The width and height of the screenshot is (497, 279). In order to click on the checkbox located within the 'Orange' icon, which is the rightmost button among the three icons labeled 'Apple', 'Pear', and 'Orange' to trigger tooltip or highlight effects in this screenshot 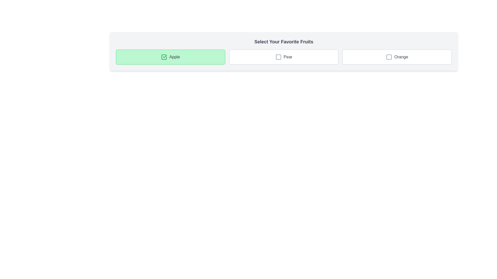, I will do `click(389, 57)`.